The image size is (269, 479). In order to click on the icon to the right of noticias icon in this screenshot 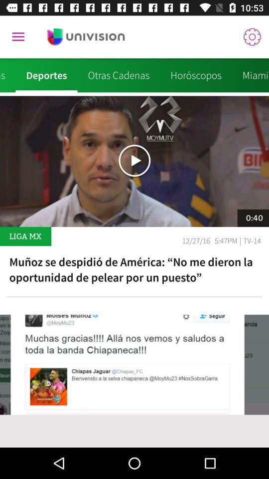, I will do `click(46, 75)`.